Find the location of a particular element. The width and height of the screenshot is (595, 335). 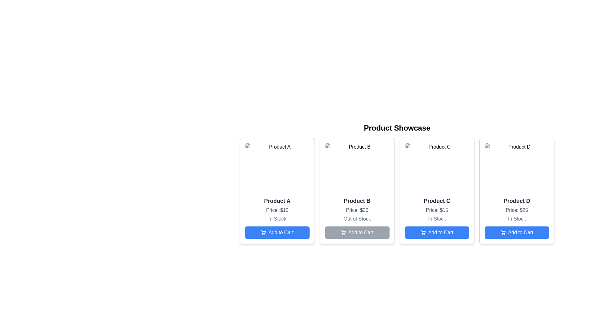

text label indicating that 'Product B' is not currently available for purchase, located below the 'Price: $20' text and above the 'Add to Cart' button is located at coordinates (357, 218).